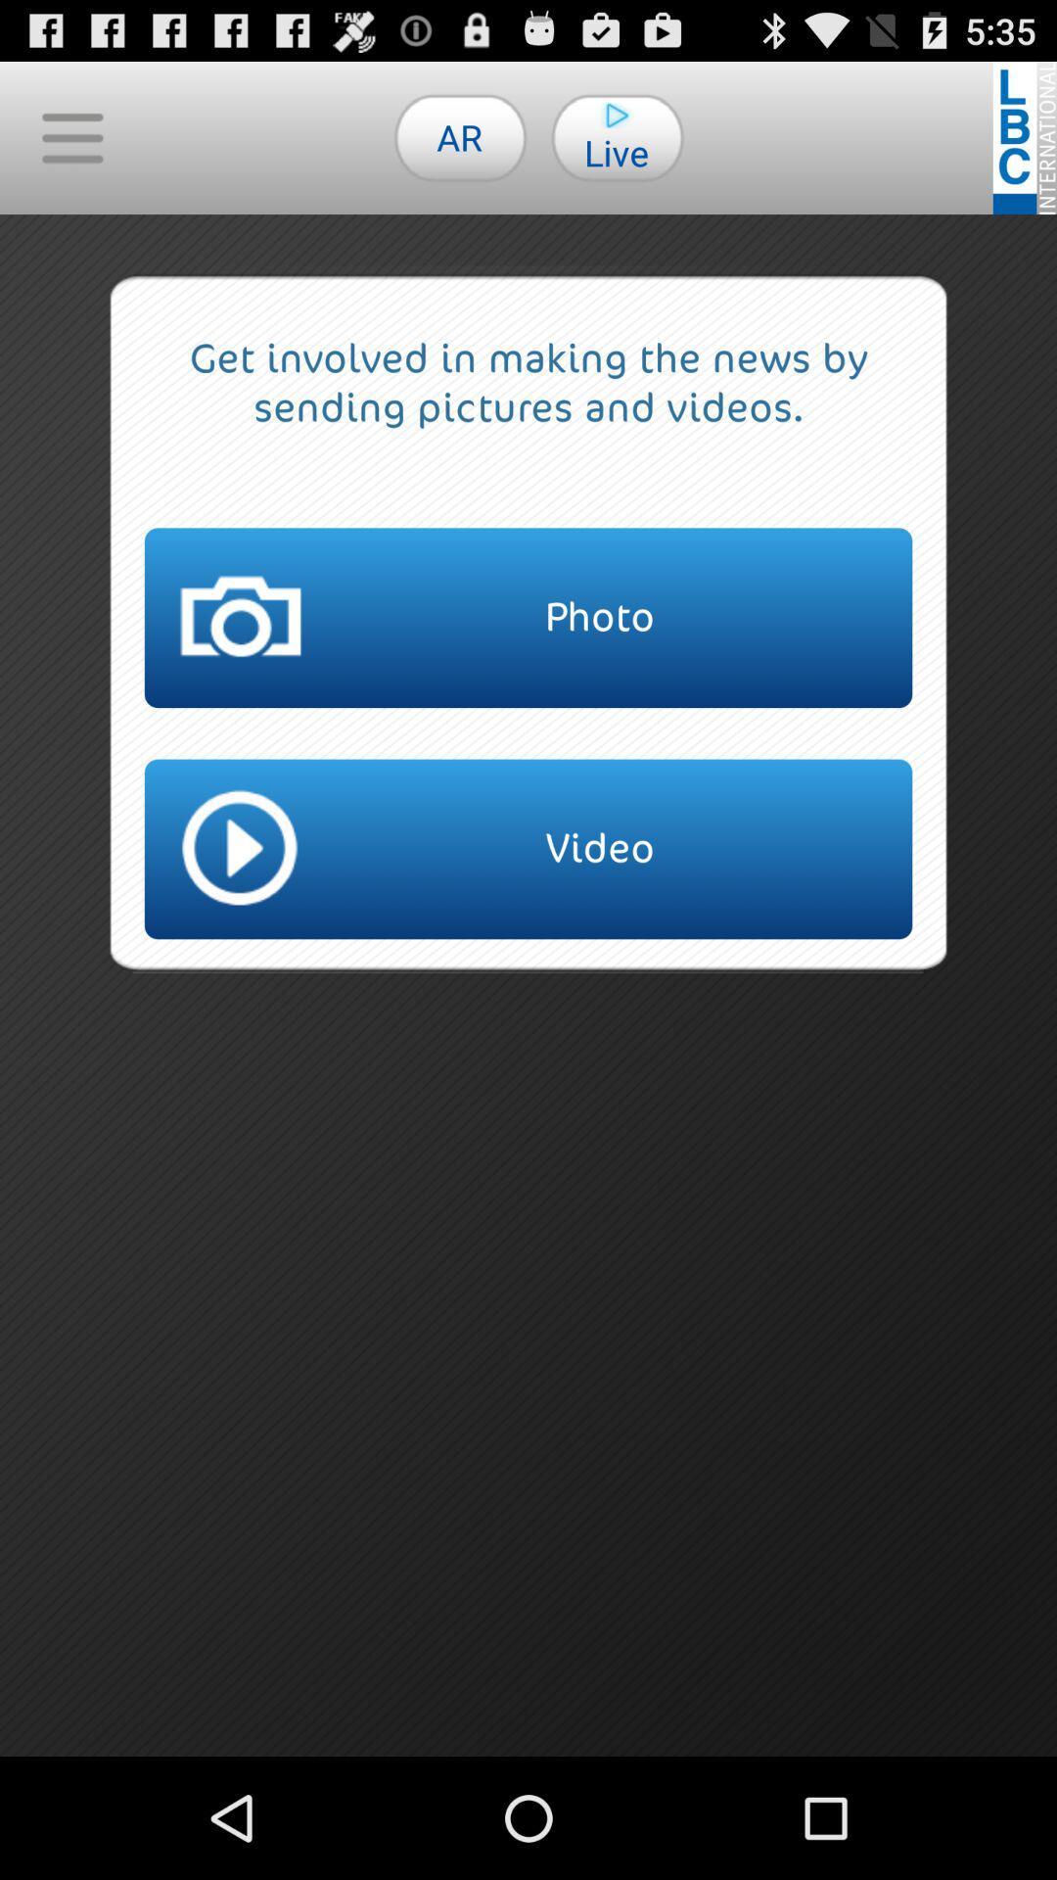  Describe the element at coordinates (528, 849) in the screenshot. I see `video item` at that location.